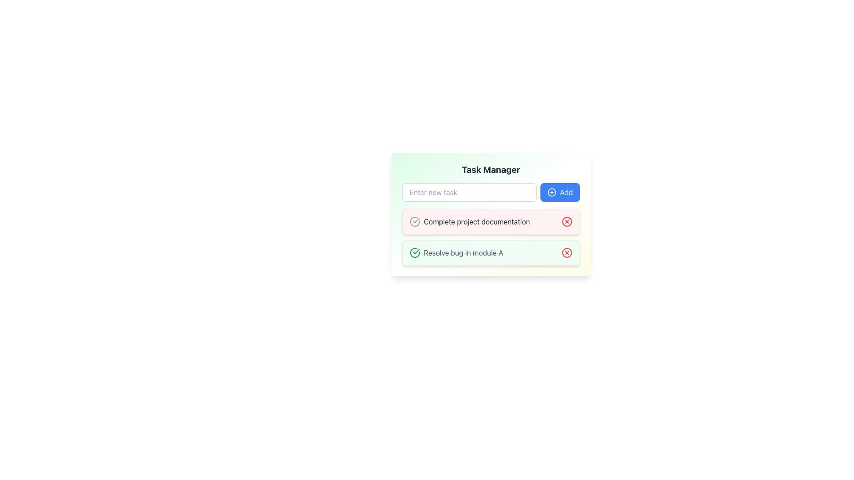  I want to click on the first task item in the task list, which allows users, so click(491, 224).